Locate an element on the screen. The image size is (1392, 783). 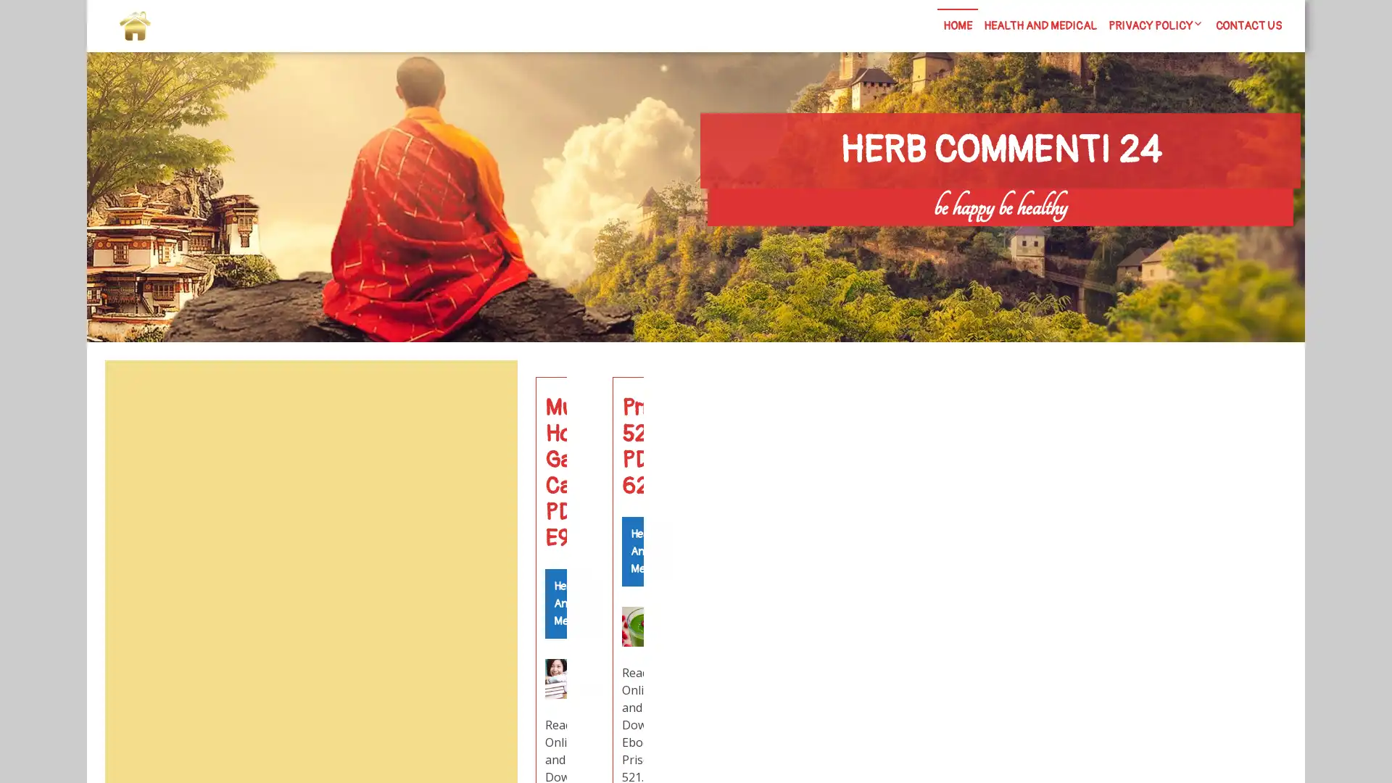
Search is located at coordinates (1129, 237).